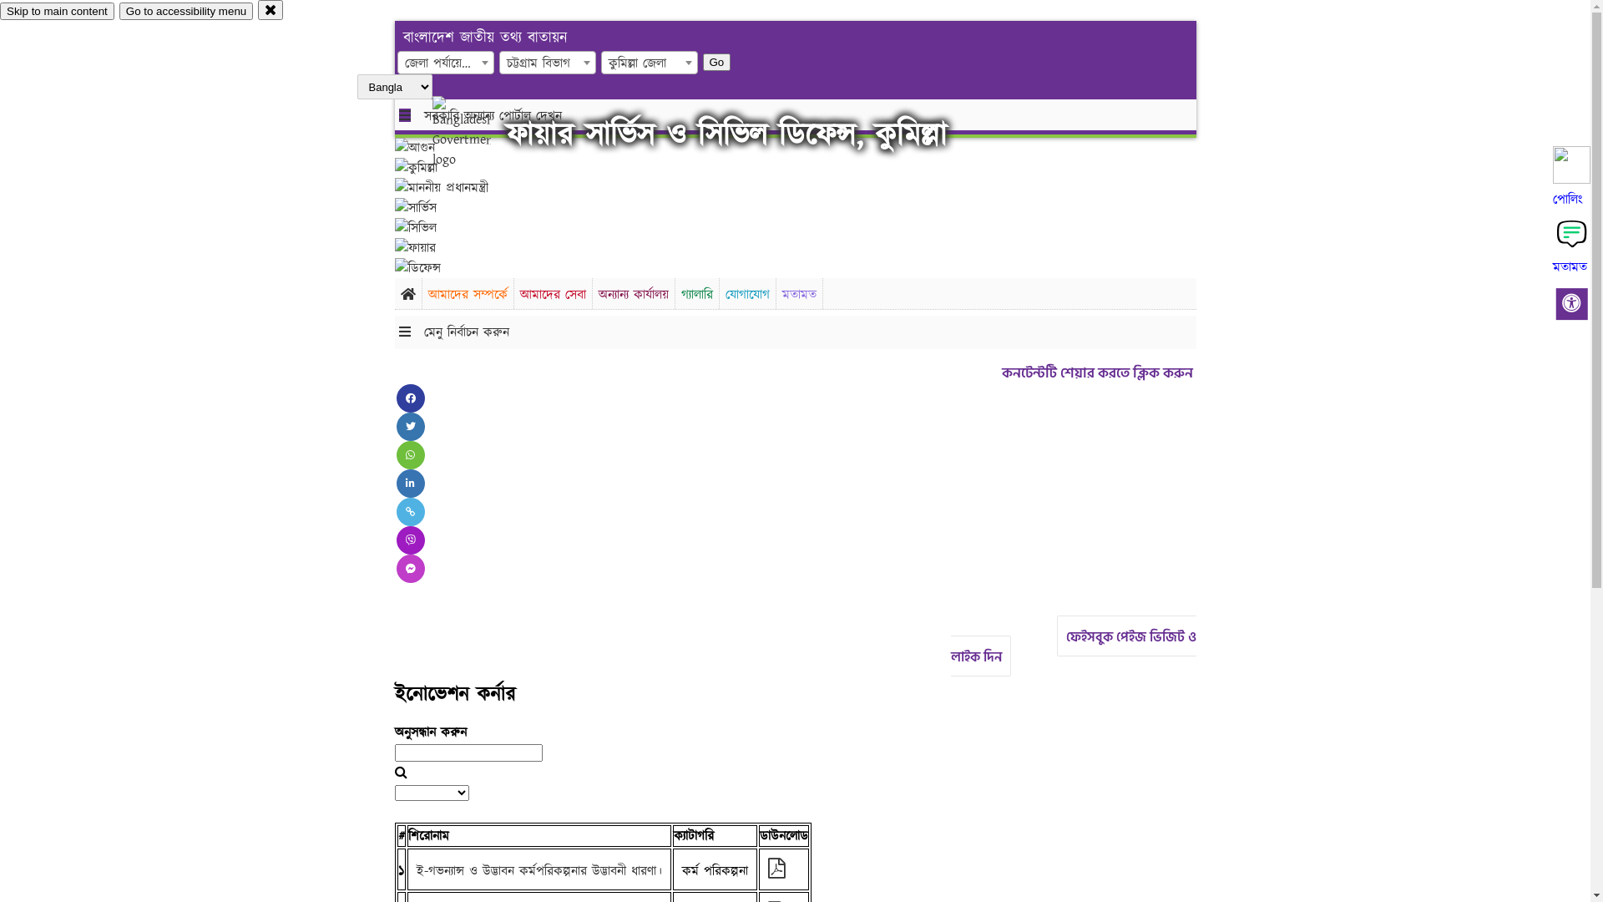  What do you see at coordinates (271, 9) in the screenshot?
I see `'close'` at bounding box center [271, 9].